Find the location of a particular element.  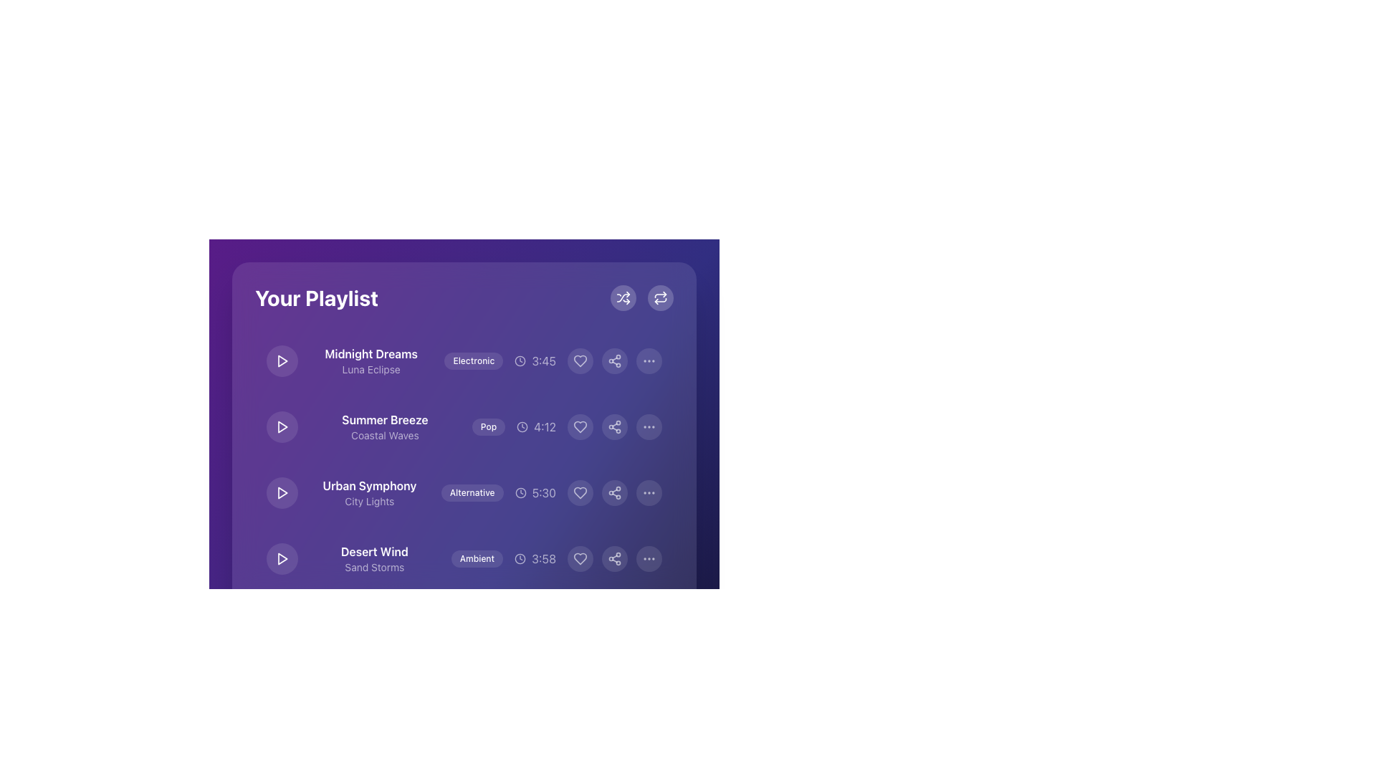

the numeric button positioned in the middle of a horizontal group of five similar elements, which is the third button, to observe its hover effects is located at coordinates (464, 688).